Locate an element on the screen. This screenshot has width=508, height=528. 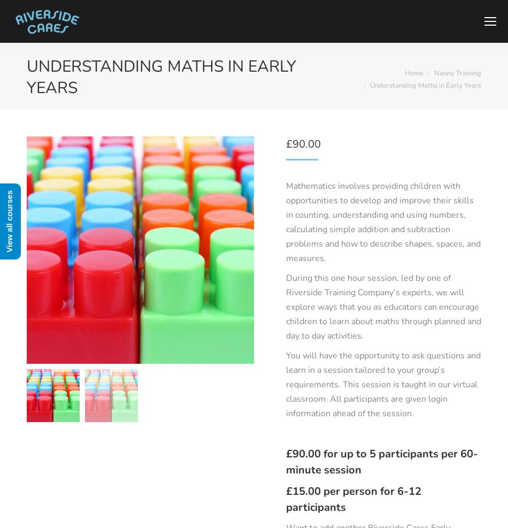
'View all courses' is located at coordinates (9, 221).